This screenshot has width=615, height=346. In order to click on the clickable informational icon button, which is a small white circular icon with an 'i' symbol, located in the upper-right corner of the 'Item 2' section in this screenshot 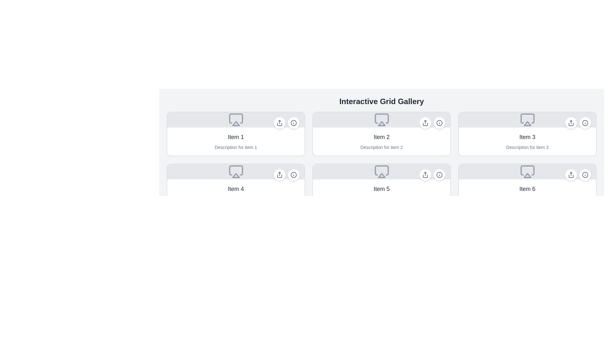, I will do `click(432, 123)`.